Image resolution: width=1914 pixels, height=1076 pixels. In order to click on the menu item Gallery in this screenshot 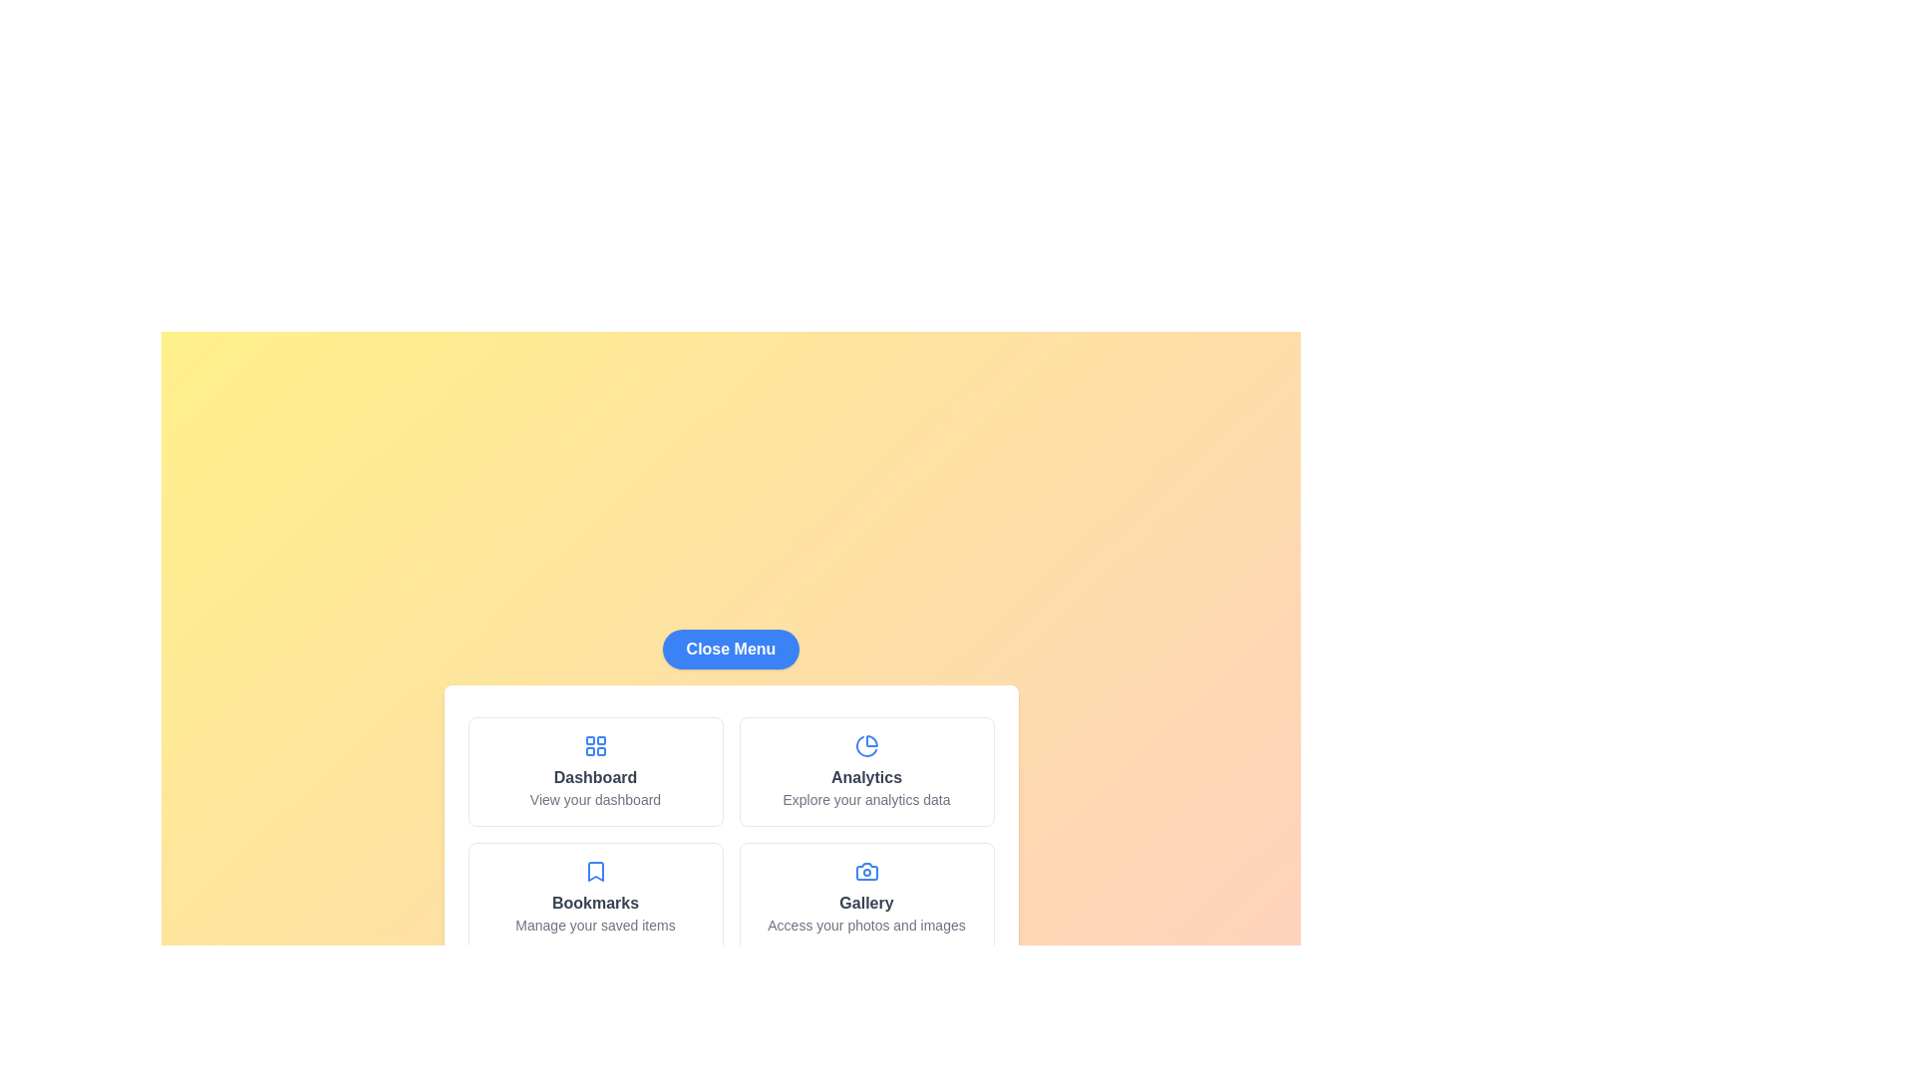, I will do `click(866, 898)`.